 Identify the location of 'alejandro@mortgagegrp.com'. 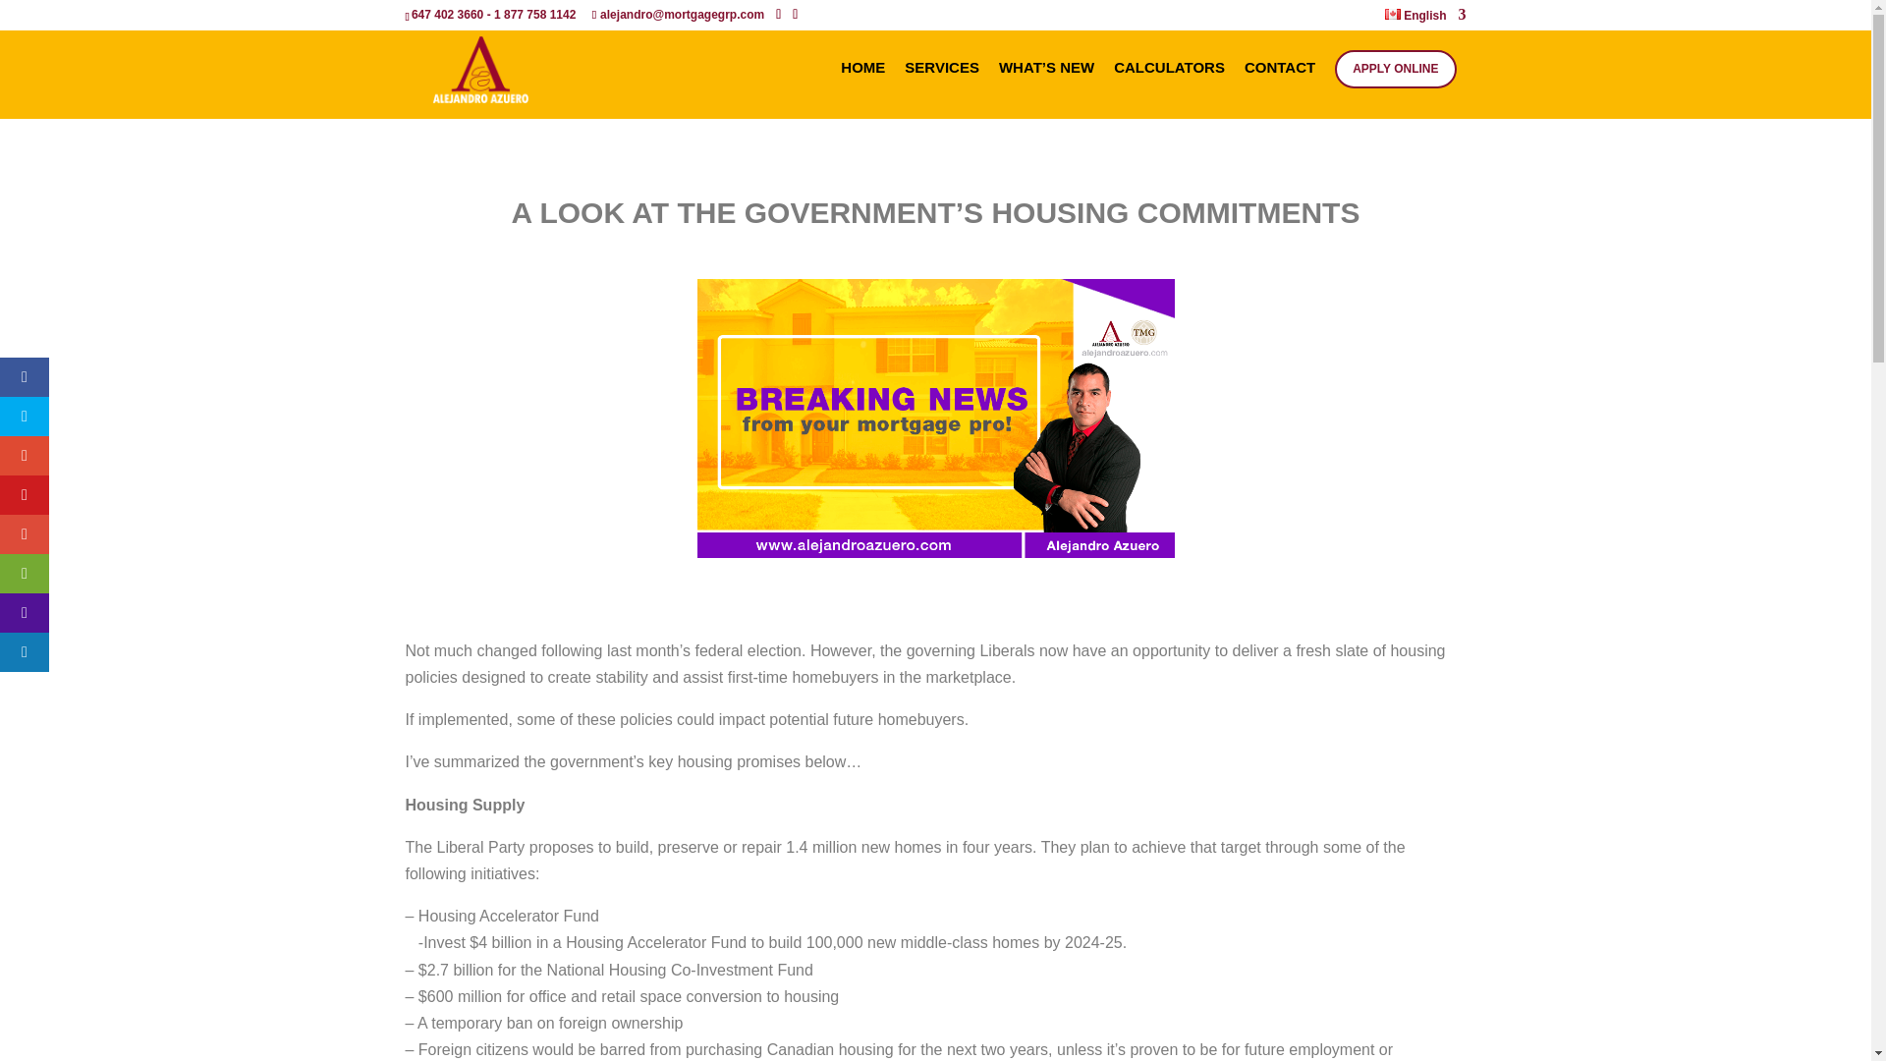
(678, 15).